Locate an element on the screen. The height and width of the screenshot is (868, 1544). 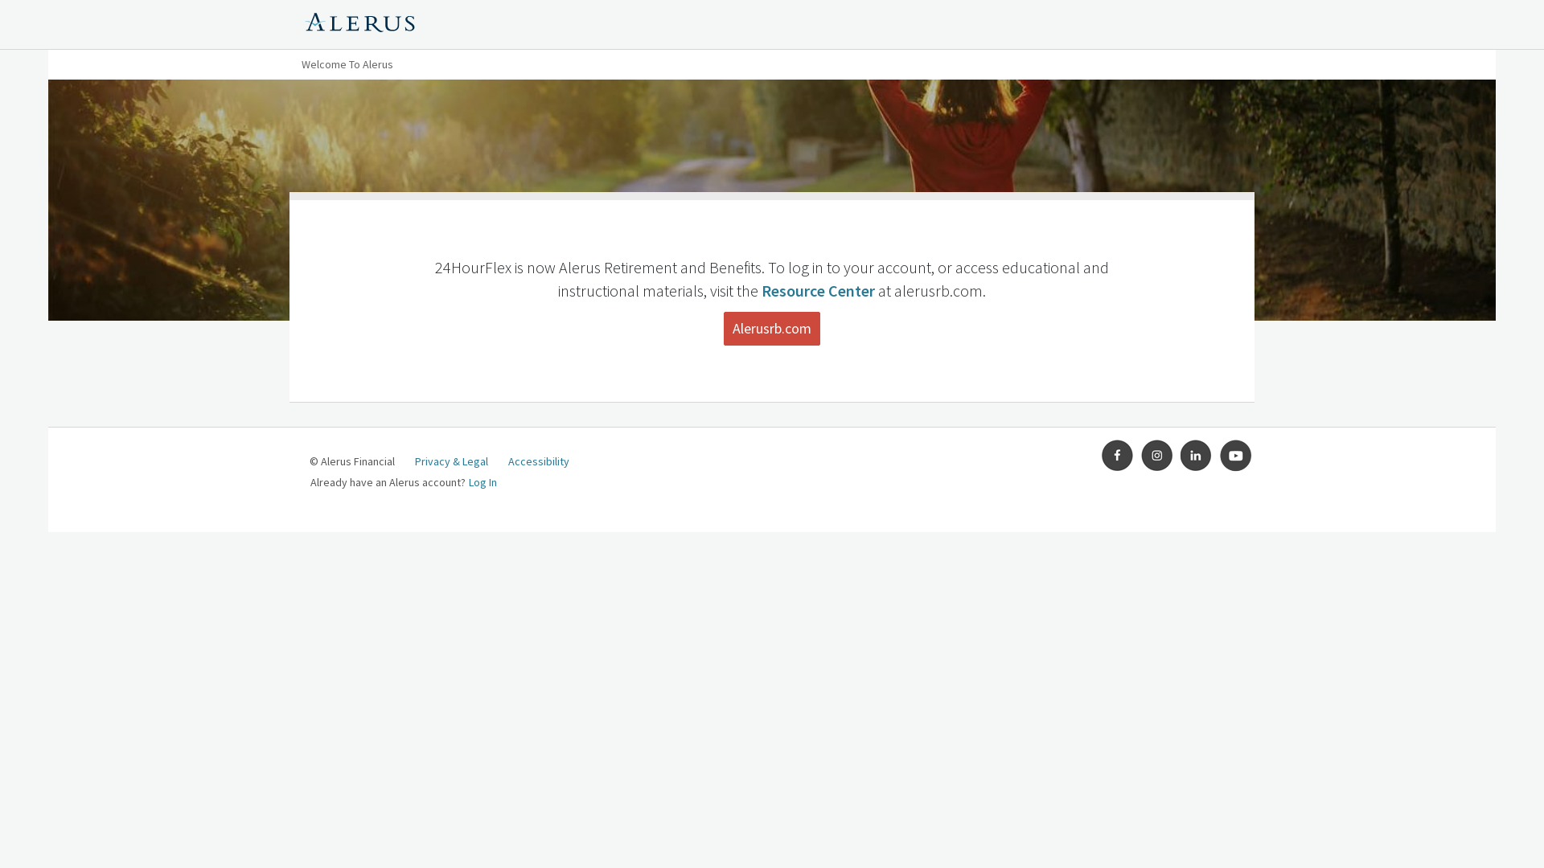
'Youtube' is located at coordinates (1234, 456).